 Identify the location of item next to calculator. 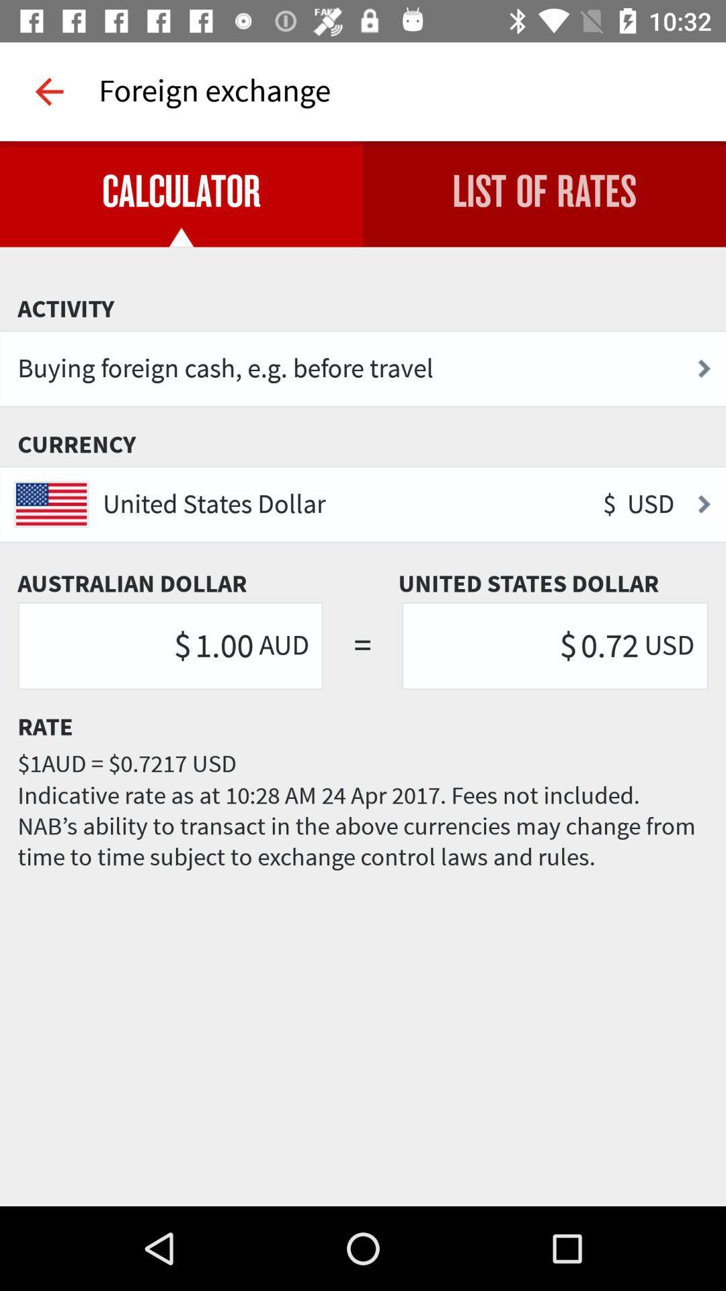
(544, 193).